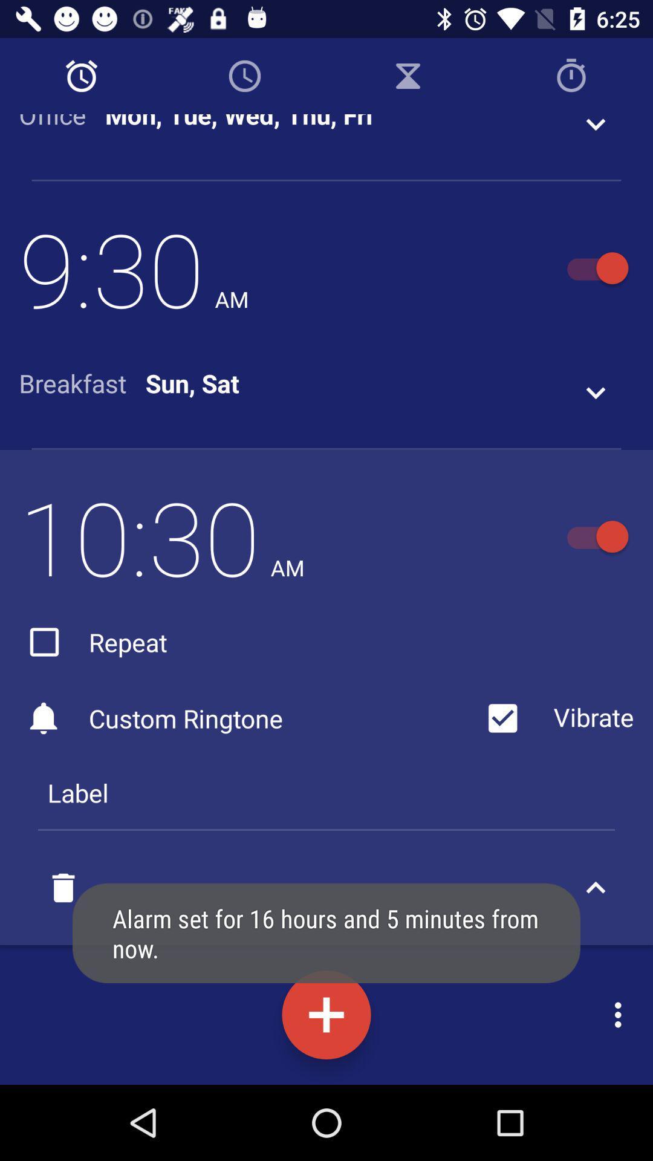 The image size is (653, 1161). I want to click on icon to the right of the office   icon, so click(239, 123).